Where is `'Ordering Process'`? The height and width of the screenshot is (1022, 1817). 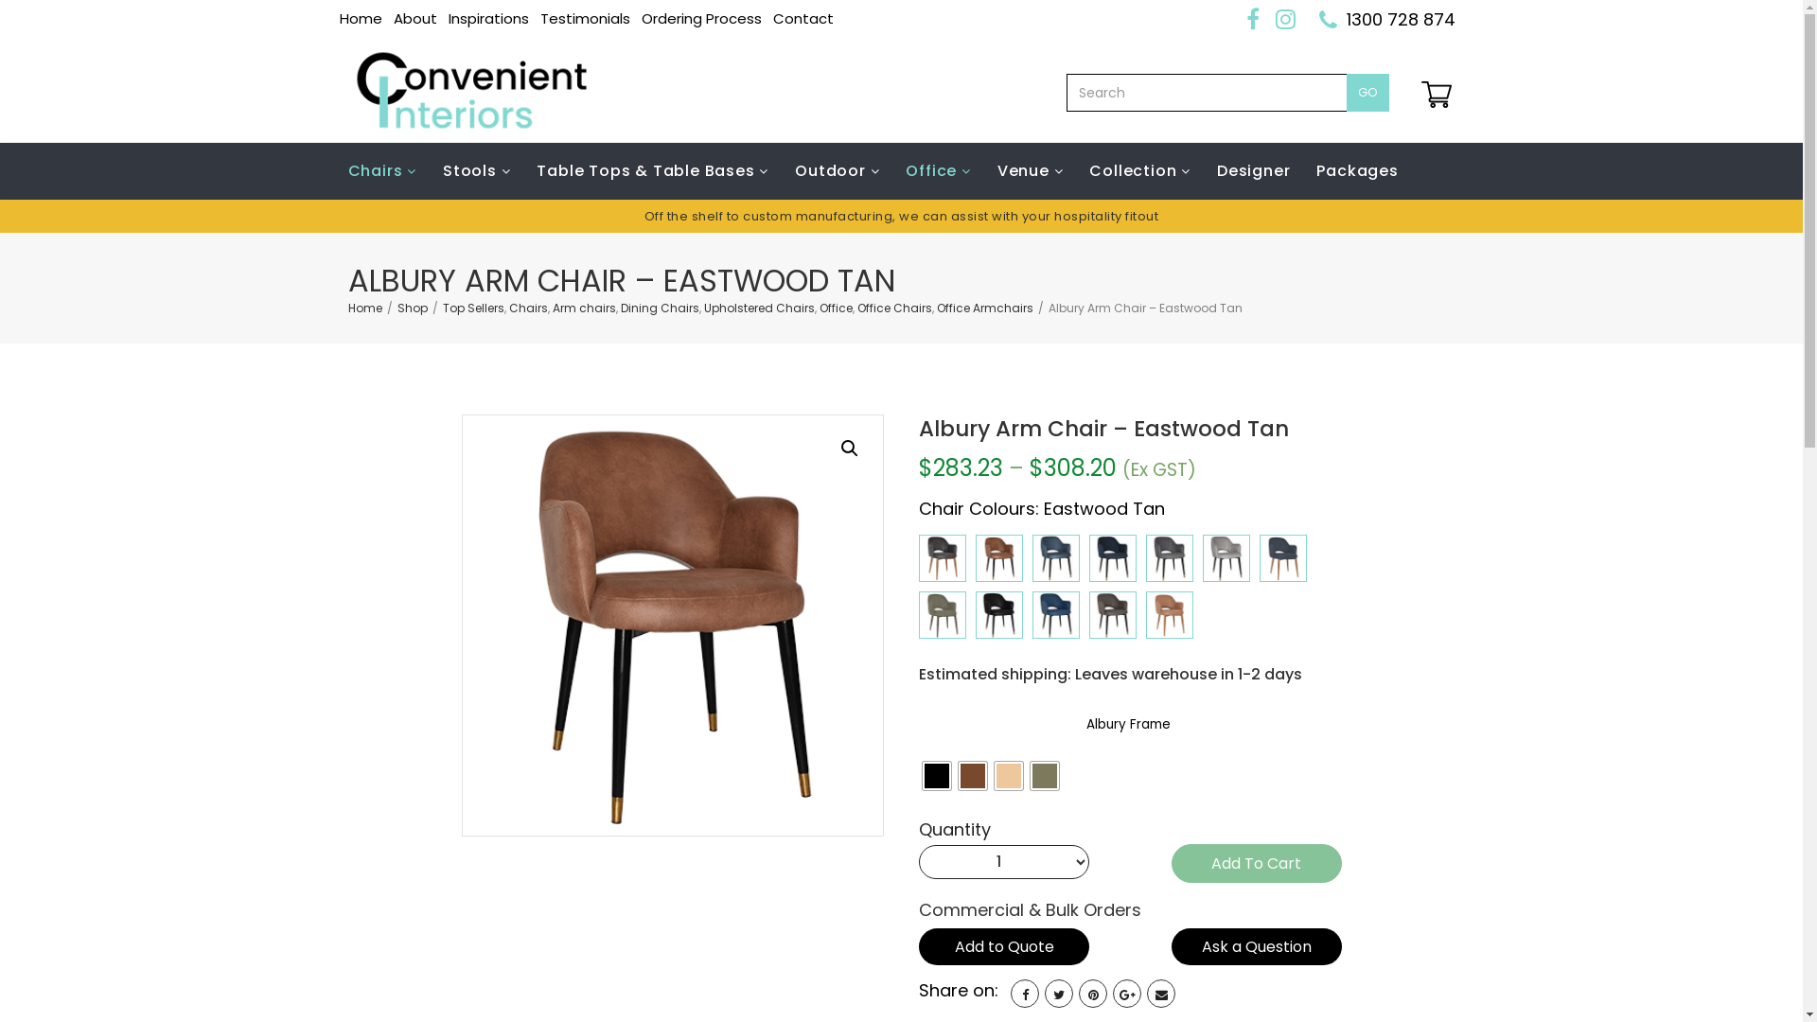
'Ordering Process' is located at coordinates (700, 18).